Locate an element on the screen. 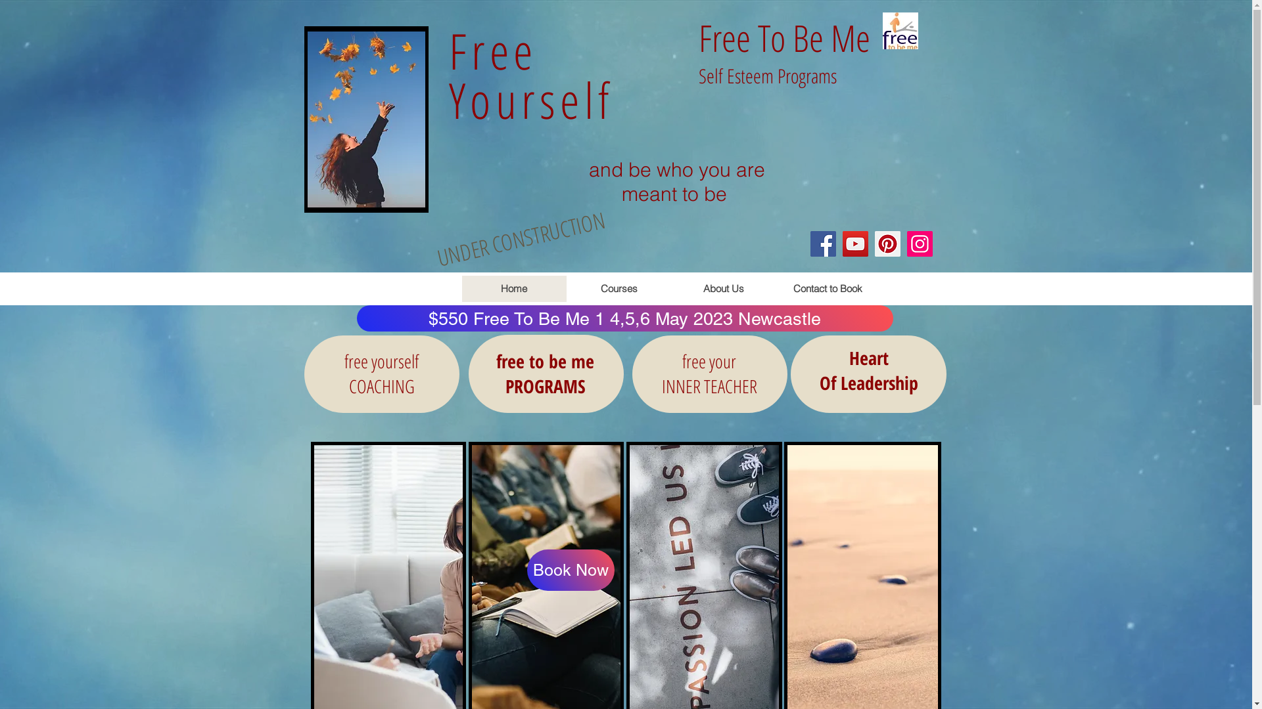 The height and width of the screenshot is (709, 1262). 'Courses' is located at coordinates (618, 288).